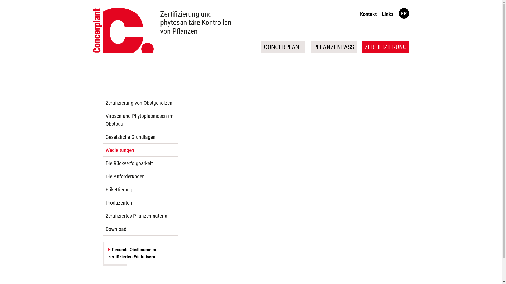  What do you see at coordinates (140, 202) in the screenshot?
I see `'Produzenten'` at bounding box center [140, 202].